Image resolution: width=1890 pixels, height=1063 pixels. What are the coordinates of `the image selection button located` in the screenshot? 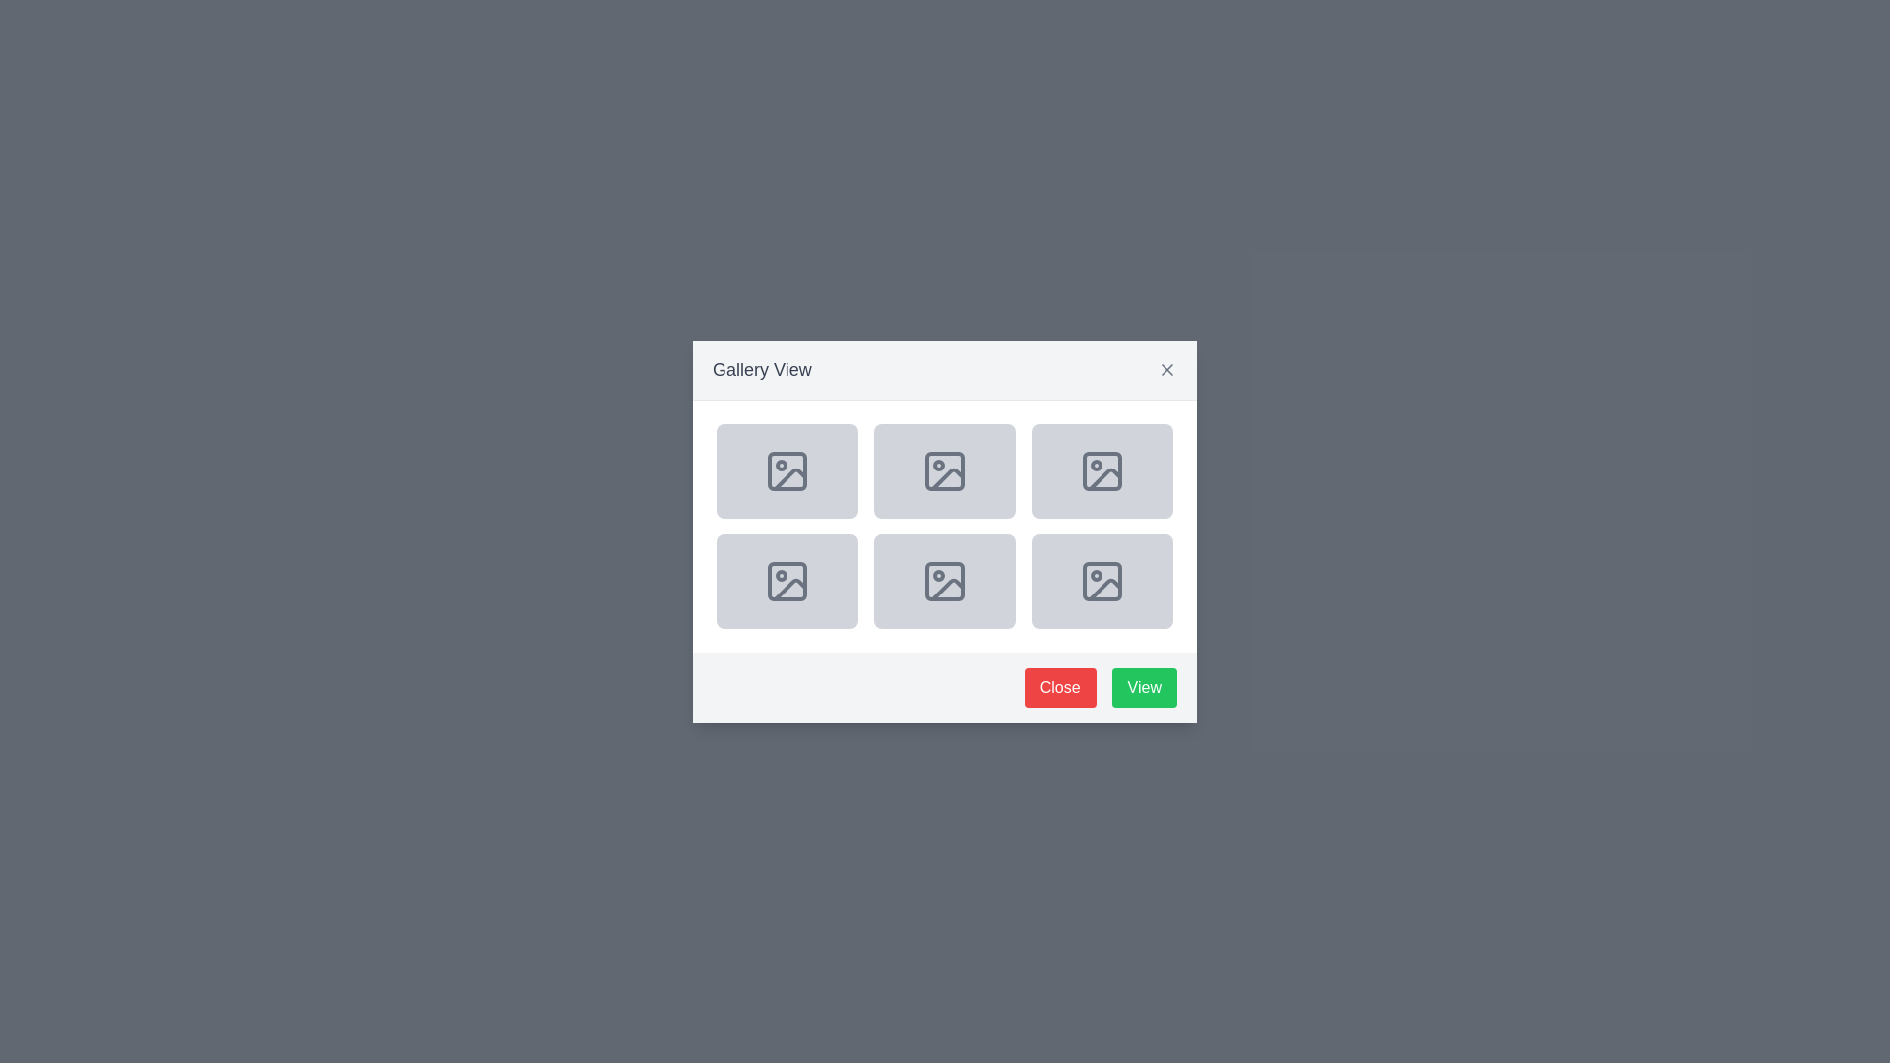 It's located at (787, 470).